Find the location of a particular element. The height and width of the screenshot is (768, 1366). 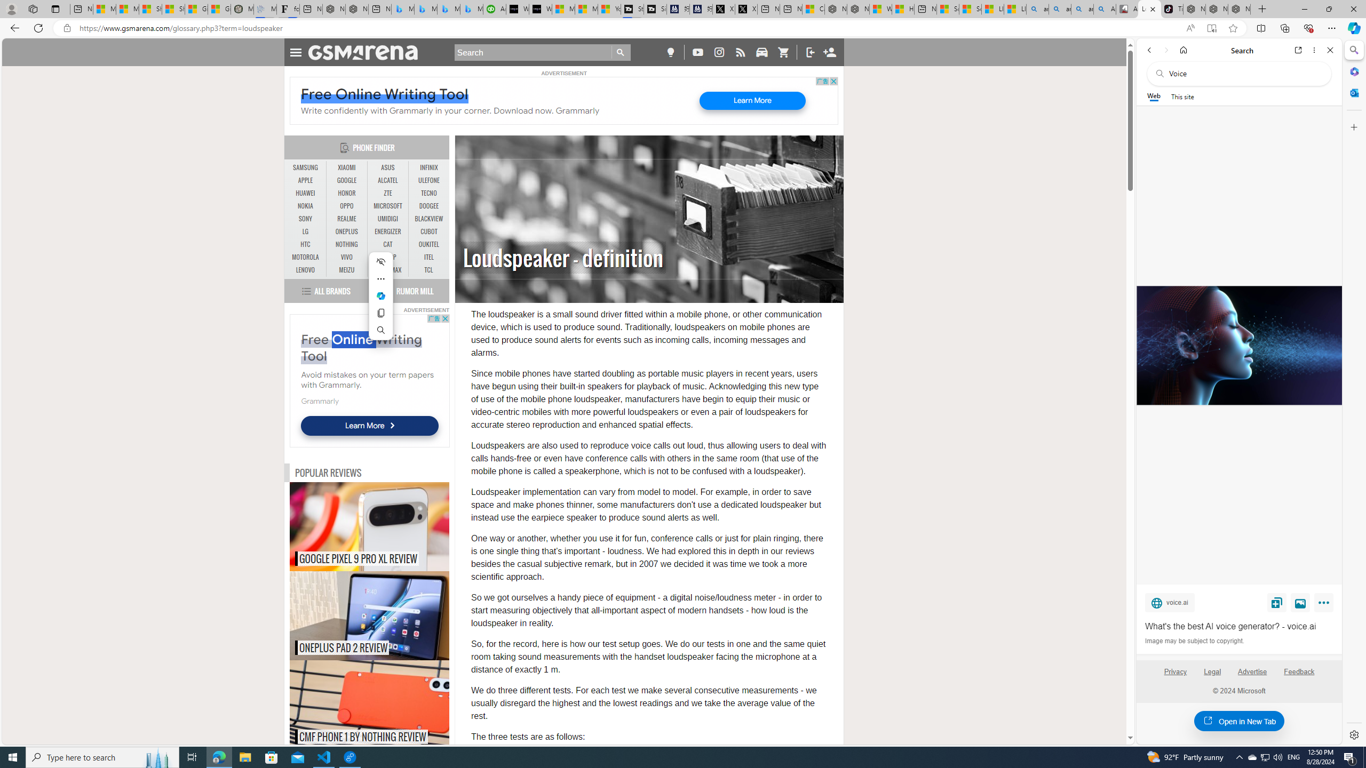

'Web scope' is located at coordinates (1154, 96).